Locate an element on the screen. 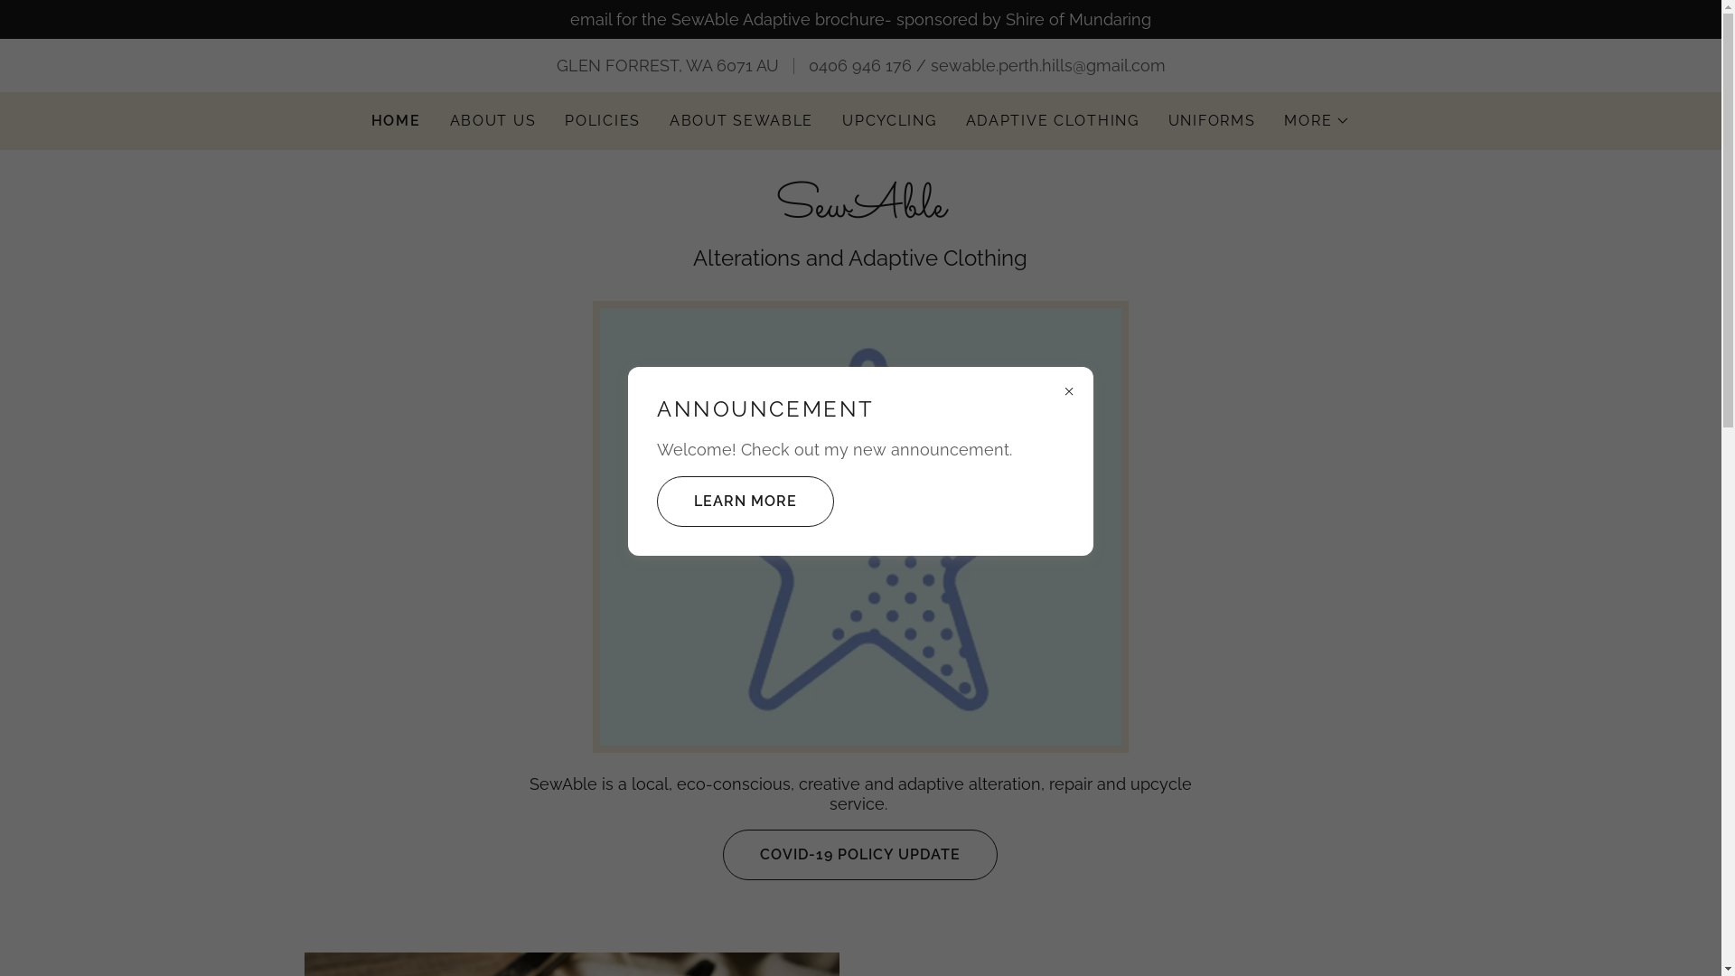 Image resolution: width=1735 pixels, height=976 pixels. 'MORE' is located at coordinates (1317, 121).